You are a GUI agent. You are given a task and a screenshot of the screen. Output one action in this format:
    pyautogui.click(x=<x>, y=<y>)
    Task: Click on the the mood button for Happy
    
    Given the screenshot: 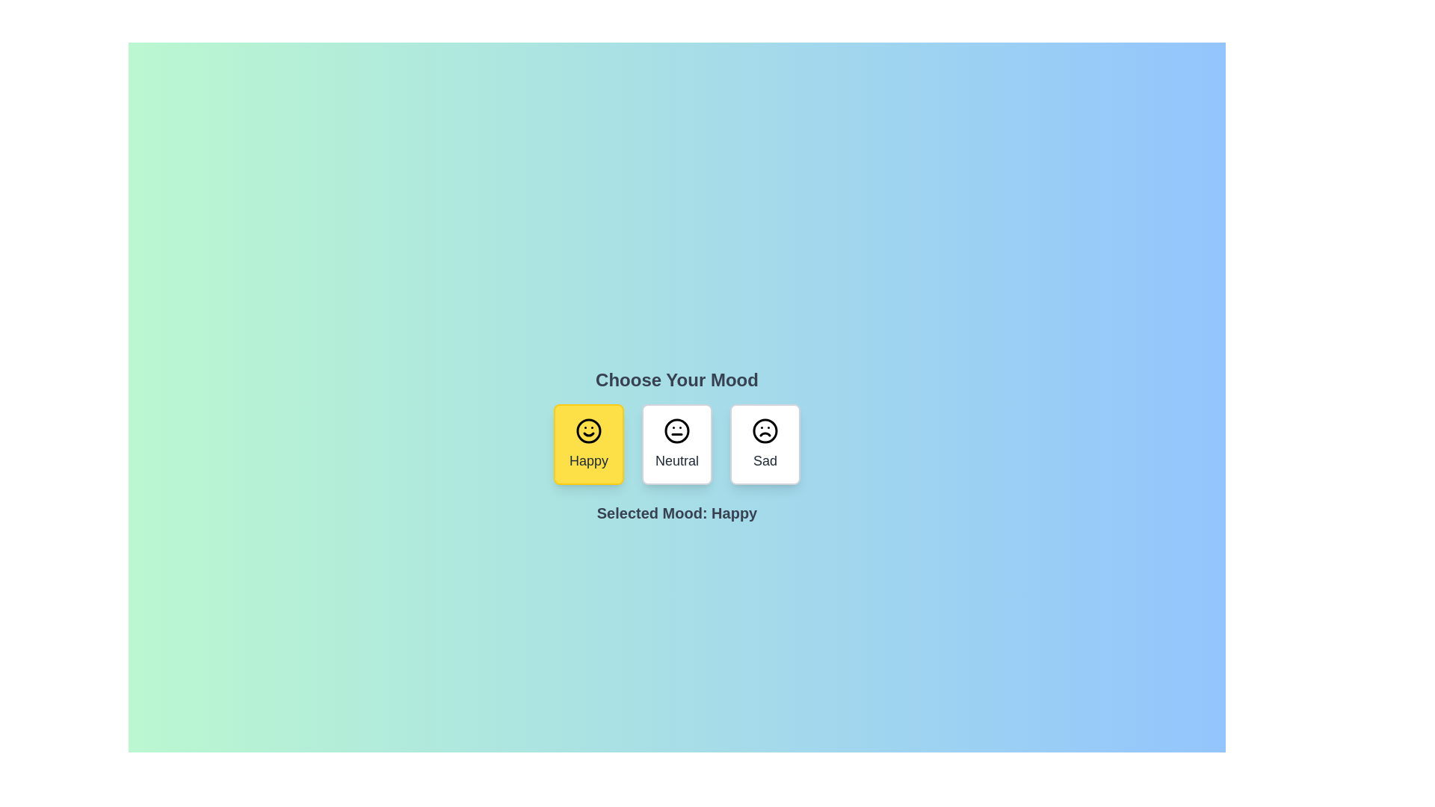 What is the action you would take?
    pyautogui.click(x=587, y=443)
    